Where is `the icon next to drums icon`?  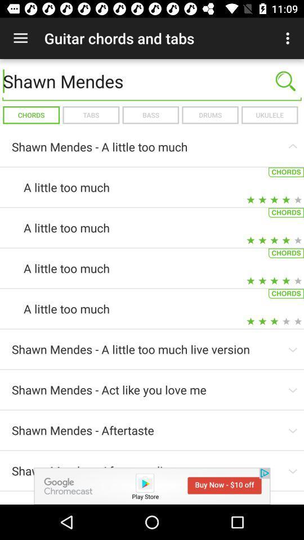
the icon next to drums icon is located at coordinates (150, 115).